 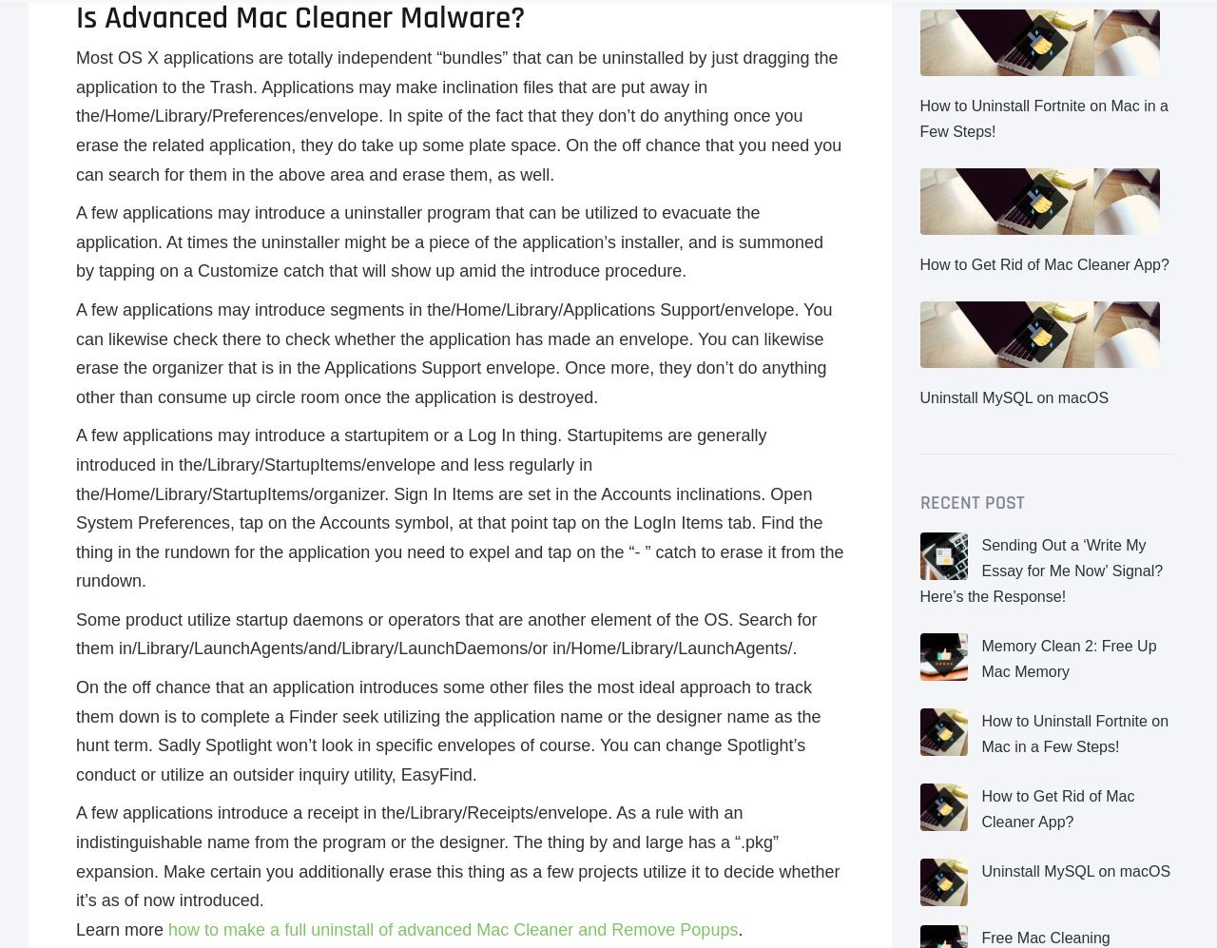 What do you see at coordinates (971, 501) in the screenshot?
I see `'Recent Post'` at bounding box center [971, 501].